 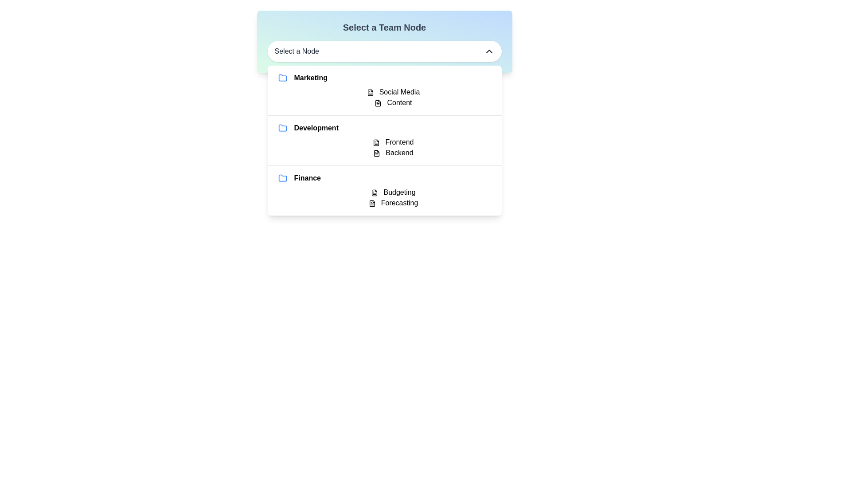 I want to click on the folder icon located to the left of the 'Finance' text label, so click(x=282, y=178).